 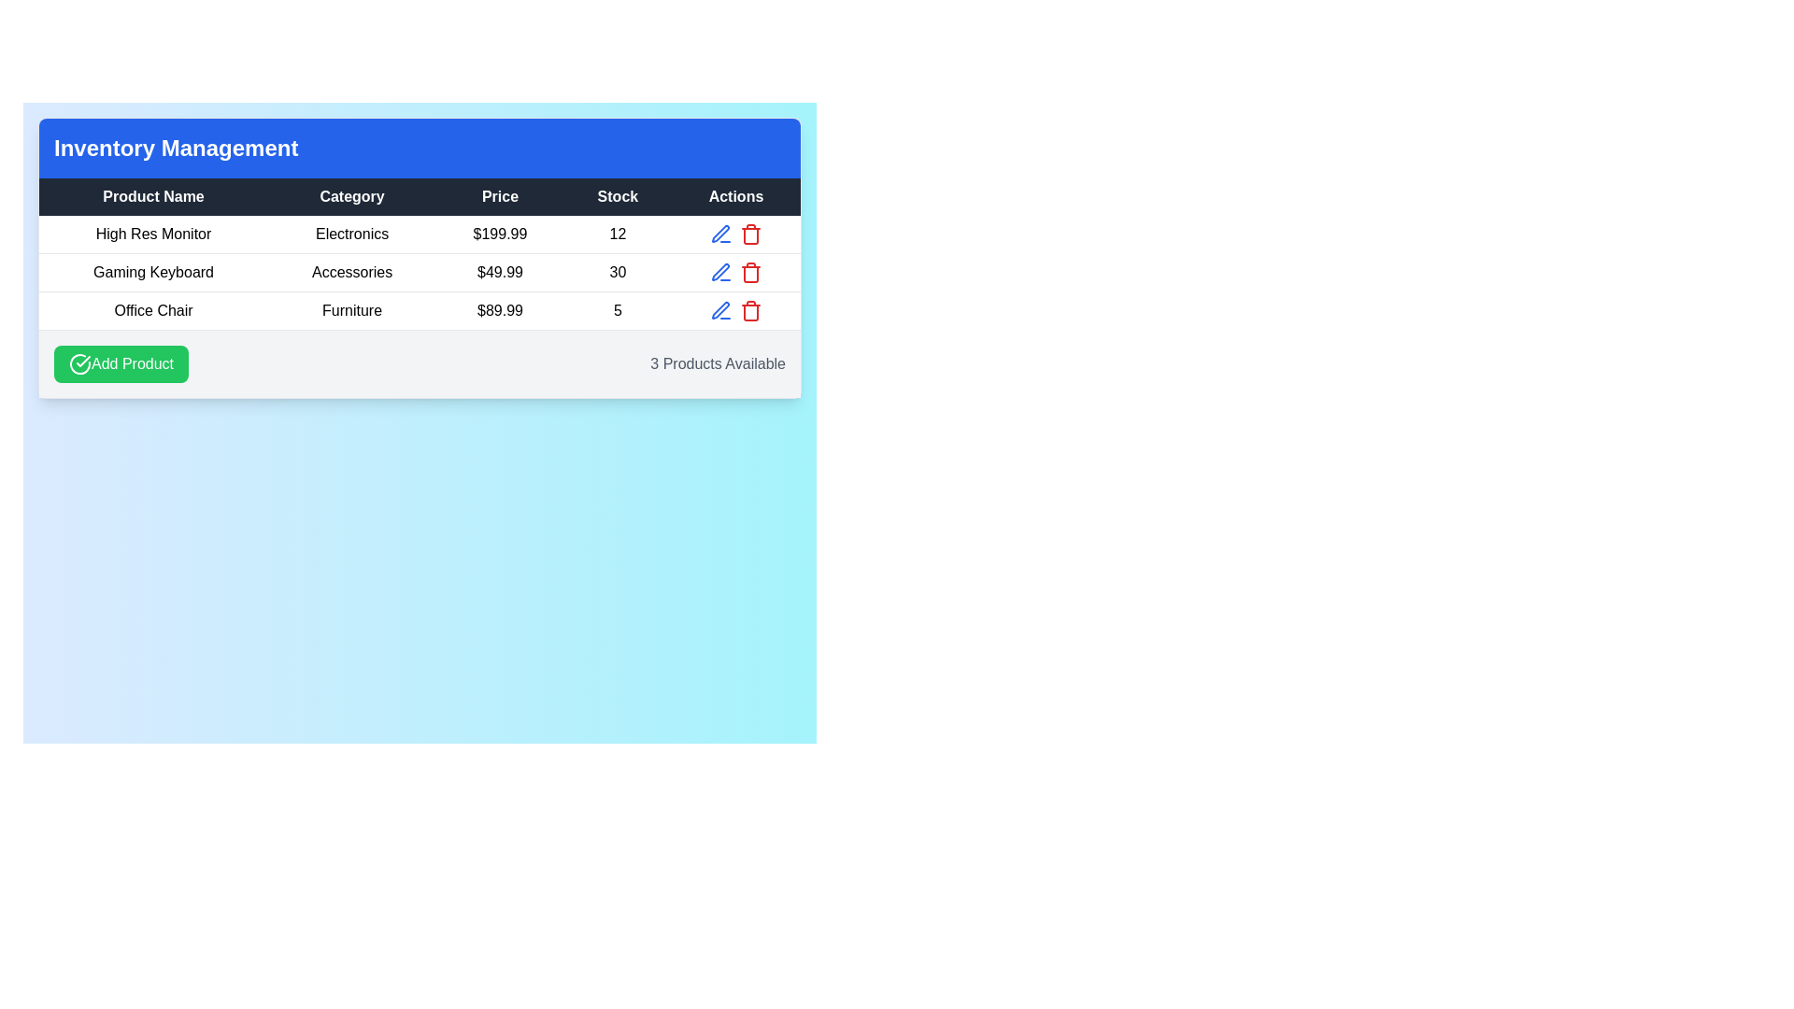 I want to click on the label indicating the category of the 'Gaming Keyboard' product, which is located in the second cell of the second row under the 'Category' column, so click(x=352, y=273).